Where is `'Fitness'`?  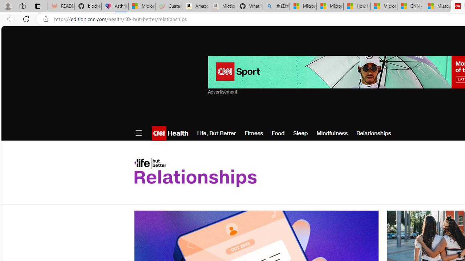 'Fitness' is located at coordinates (254, 133).